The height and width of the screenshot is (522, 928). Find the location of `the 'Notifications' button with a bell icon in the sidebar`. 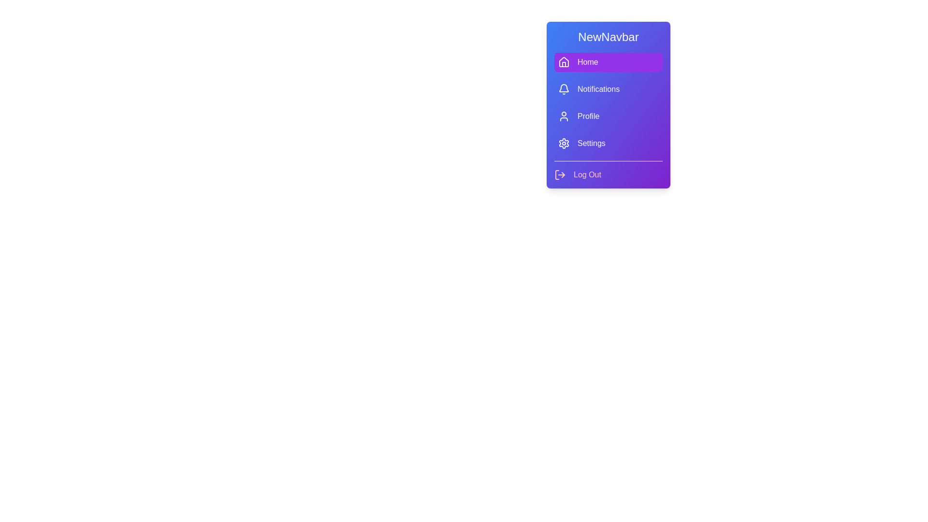

the 'Notifications' button with a bell icon in the sidebar is located at coordinates (608, 89).